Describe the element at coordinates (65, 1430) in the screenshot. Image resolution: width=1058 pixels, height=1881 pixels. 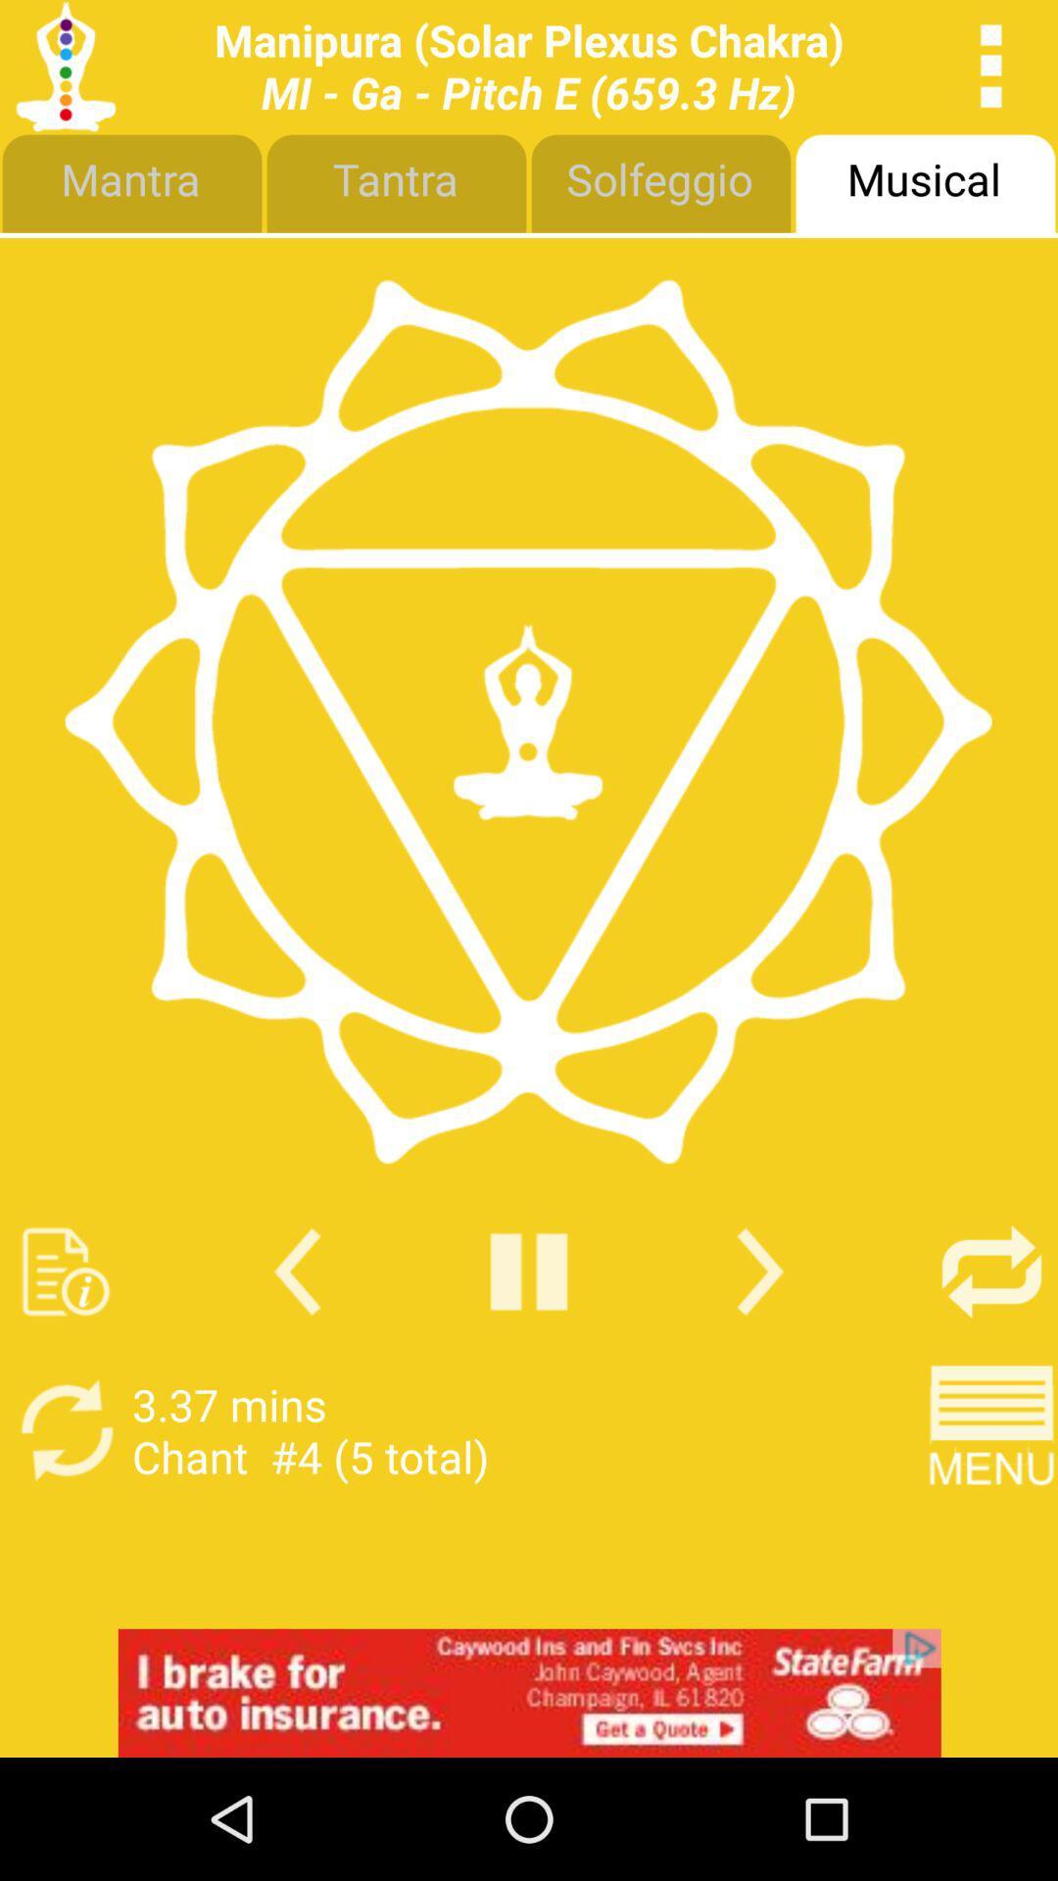
I see `repeat song` at that location.